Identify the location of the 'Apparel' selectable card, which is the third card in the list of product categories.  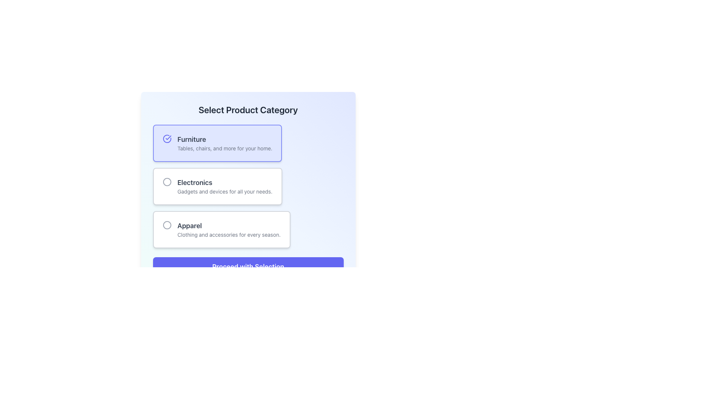
(228, 229).